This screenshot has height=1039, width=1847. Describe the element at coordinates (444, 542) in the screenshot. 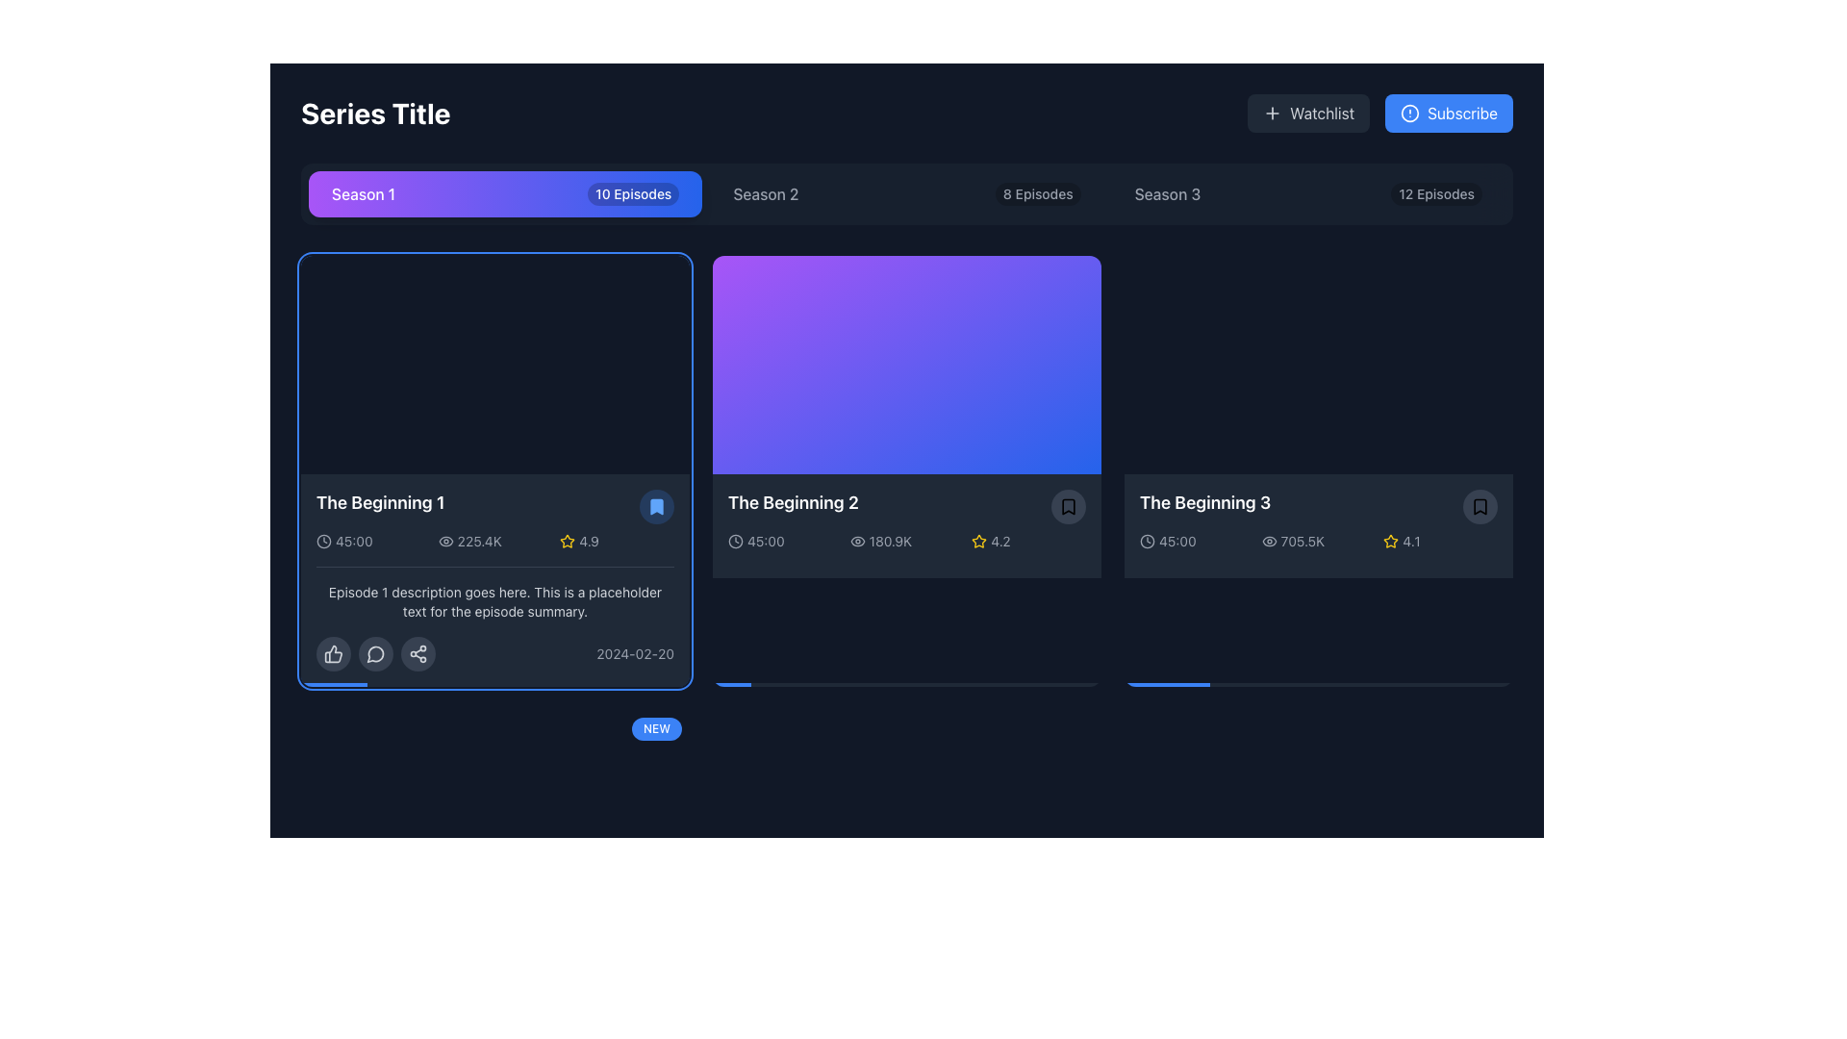

I see `the 'View' or 'Eye' icon located to the left of the numerical text display '225.4K' in the media section below the title 'The Beginning 1'` at that location.